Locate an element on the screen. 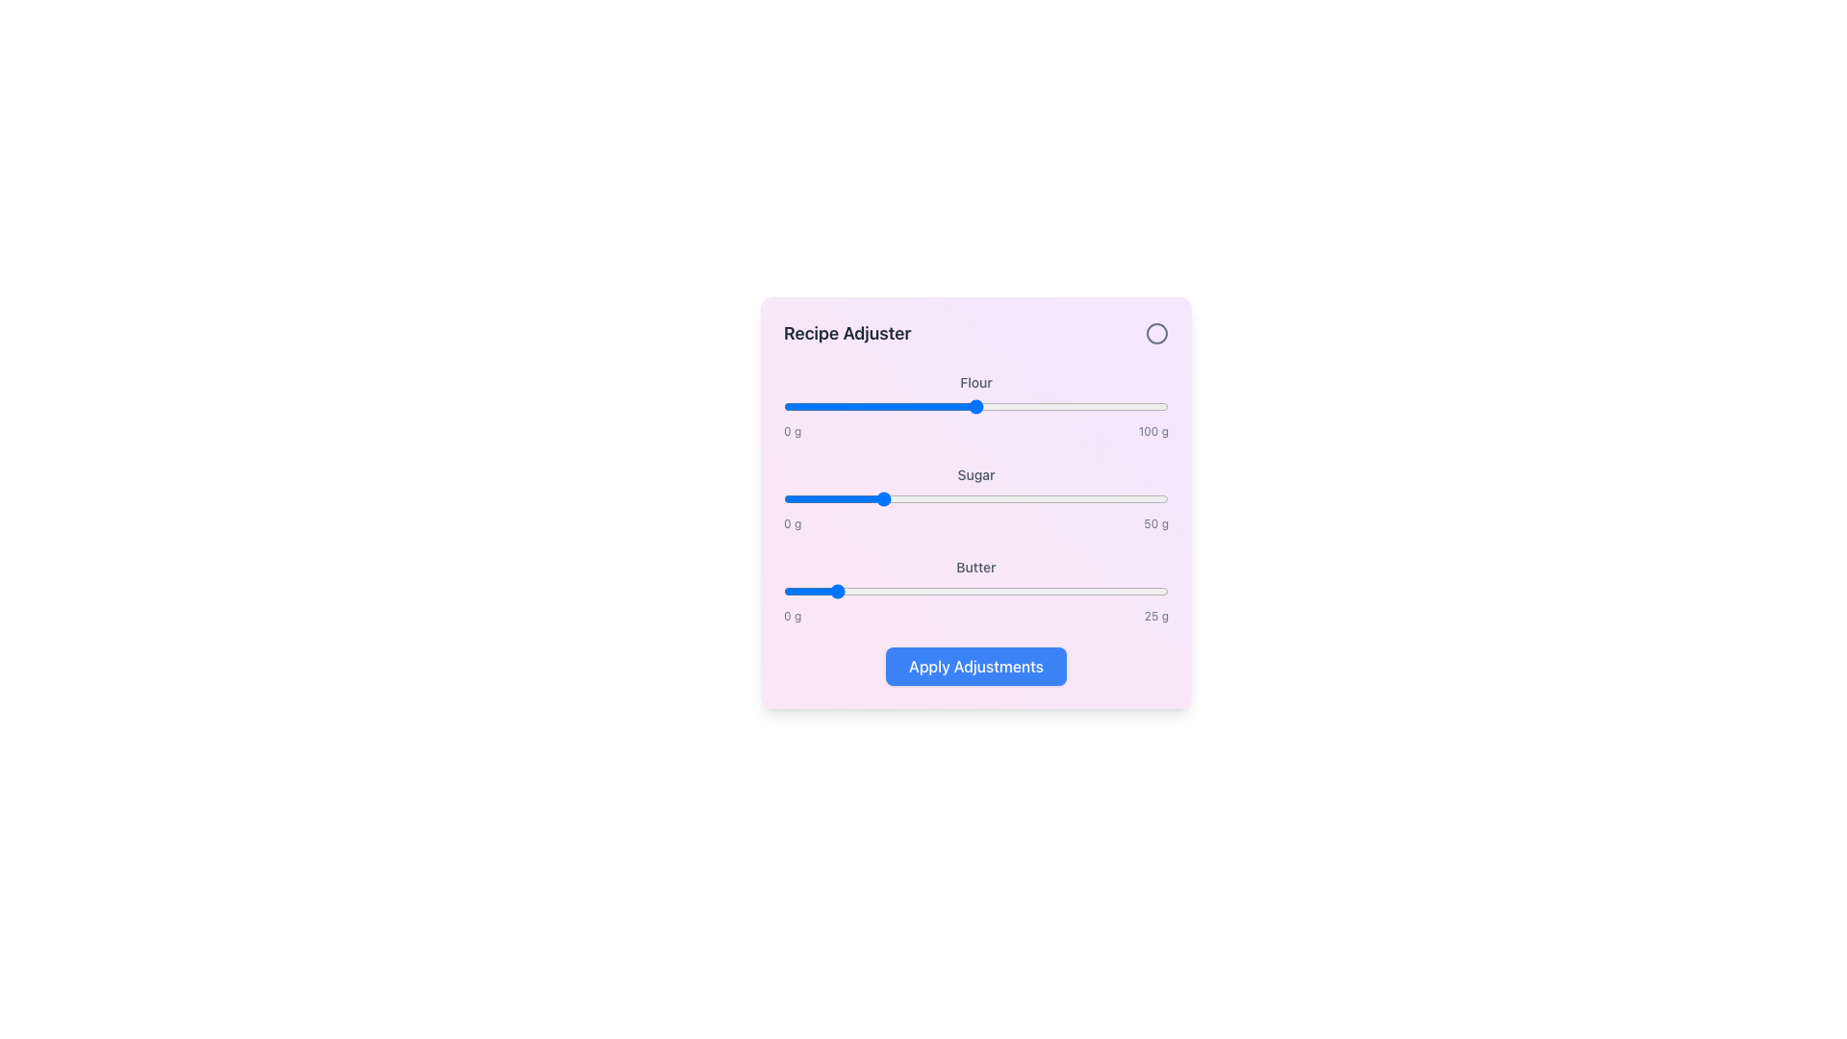 The width and height of the screenshot is (1847, 1039). sugar level is located at coordinates (1153, 498).